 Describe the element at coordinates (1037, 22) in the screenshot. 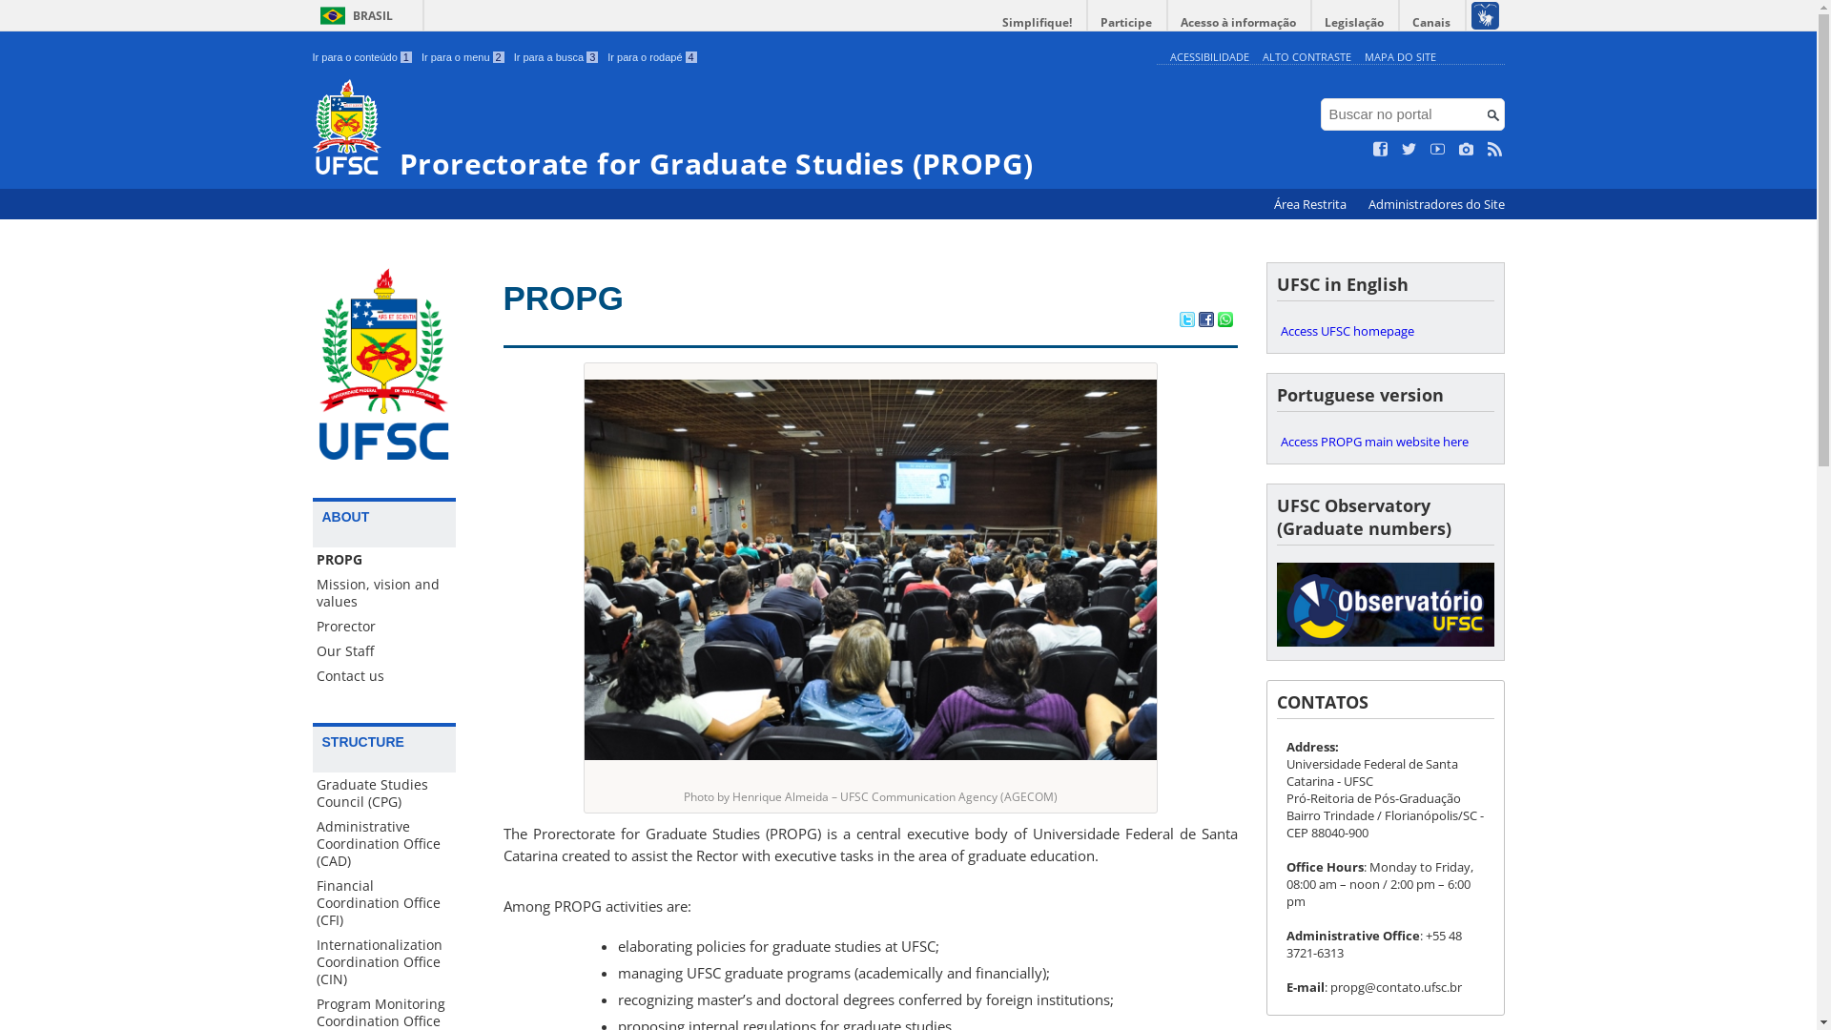

I see `'Simplifique!'` at that location.